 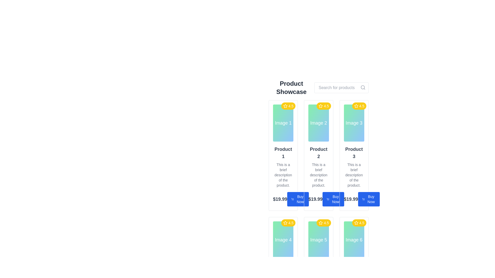 What do you see at coordinates (320, 223) in the screenshot?
I see `the rating star icon located in the upper-right corner of 'Image 5' in the product showcase grid to denote the product's rating of 4.5` at bounding box center [320, 223].